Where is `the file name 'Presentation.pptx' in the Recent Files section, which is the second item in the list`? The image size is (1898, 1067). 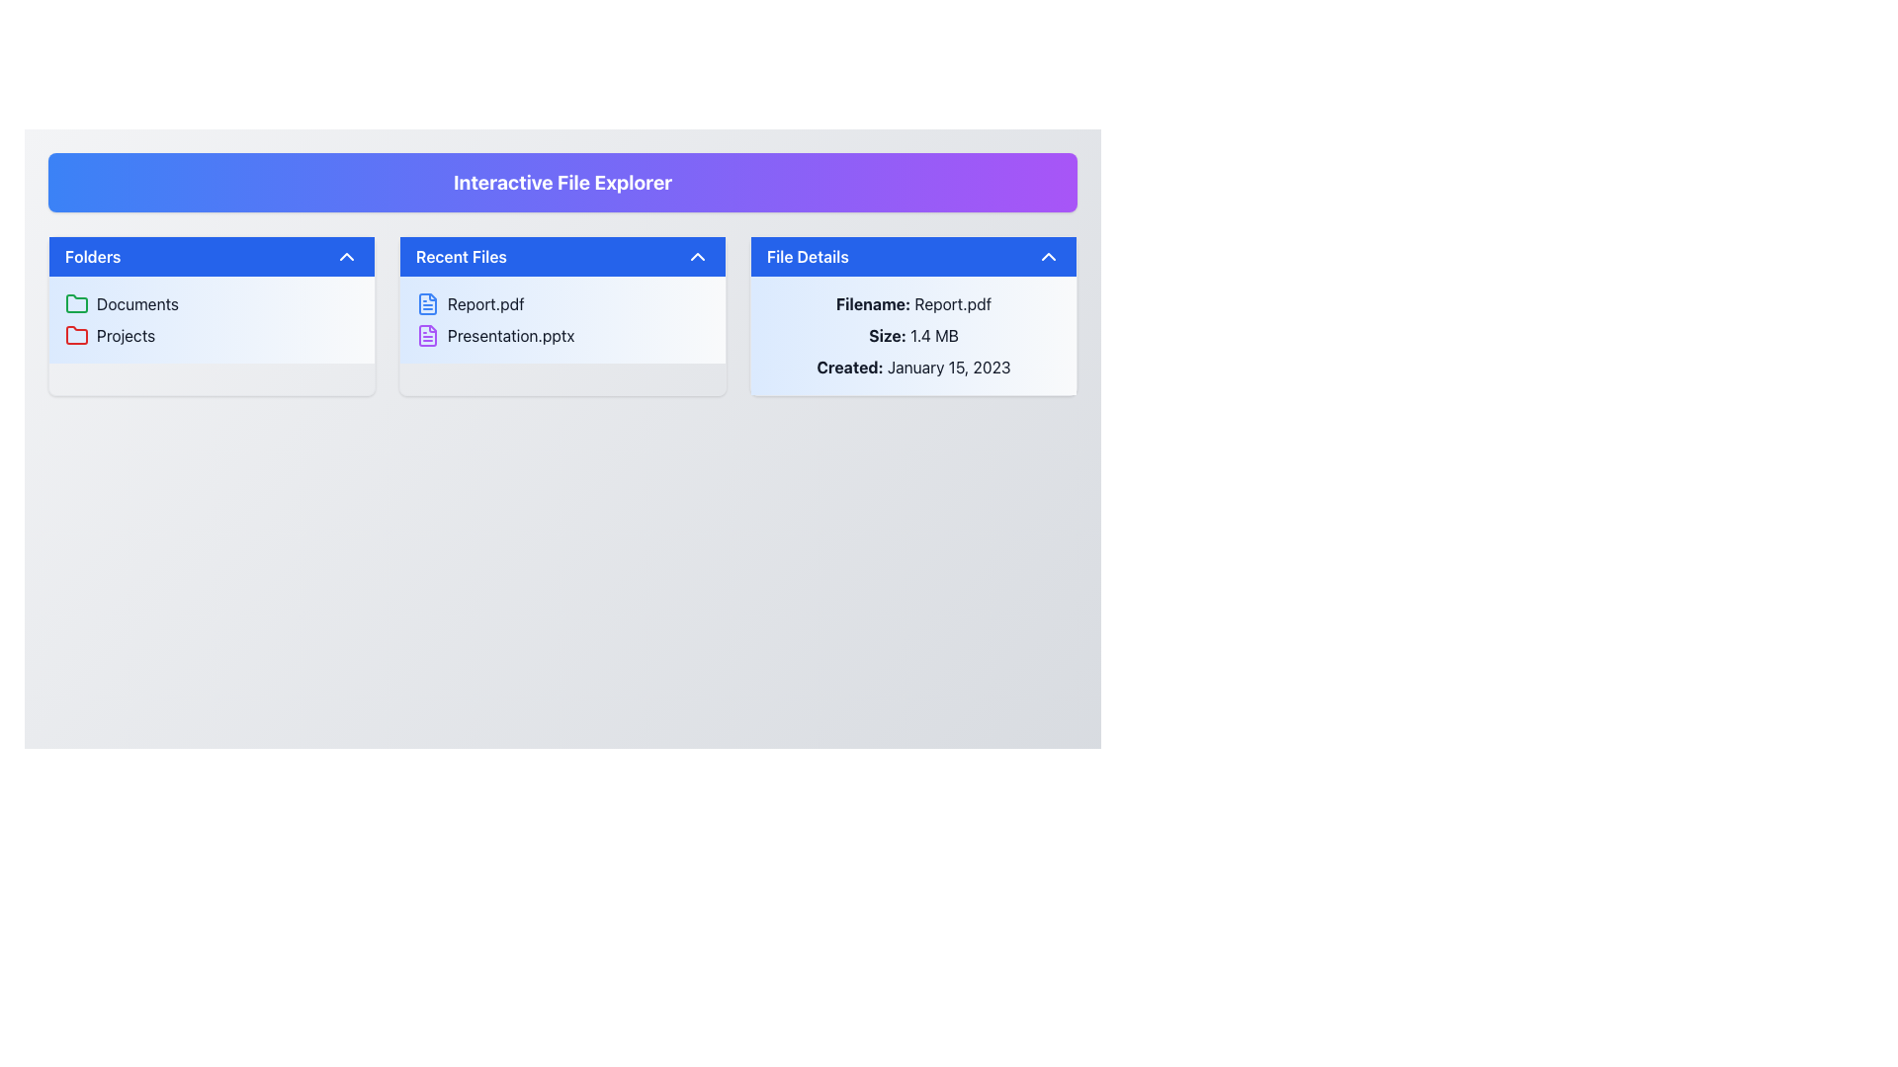 the file name 'Presentation.pptx' in the Recent Files section, which is the second item in the list is located at coordinates (561, 319).